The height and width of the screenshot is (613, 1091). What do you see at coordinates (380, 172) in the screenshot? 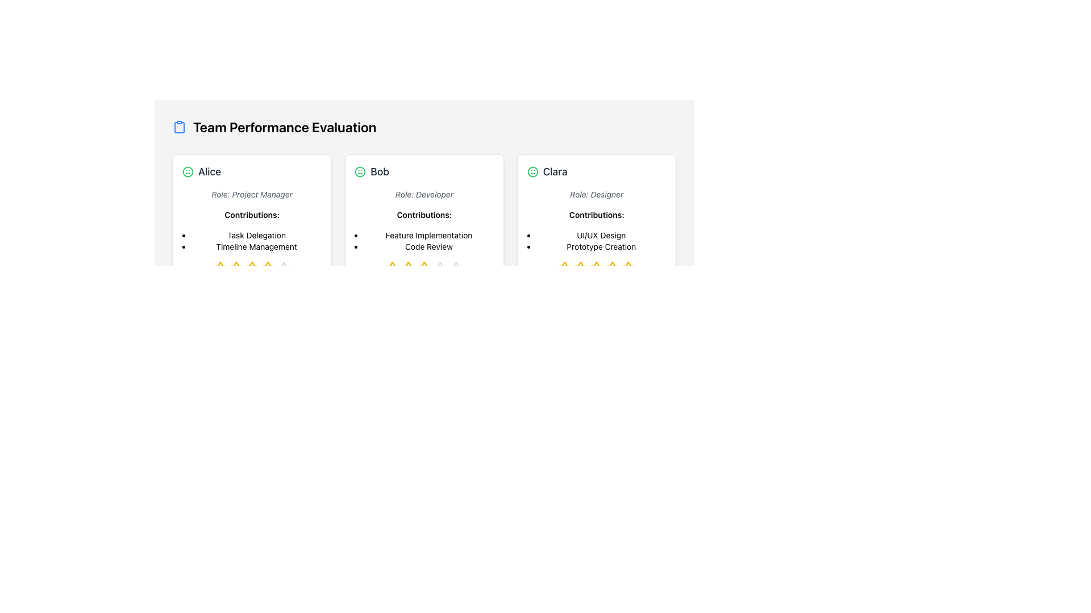
I see `the text label displaying the name 'Bob' in the second card under the 'Team Performance Evaluation' heading, which is located to the right of a green smiling icon` at bounding box center [380, 172].